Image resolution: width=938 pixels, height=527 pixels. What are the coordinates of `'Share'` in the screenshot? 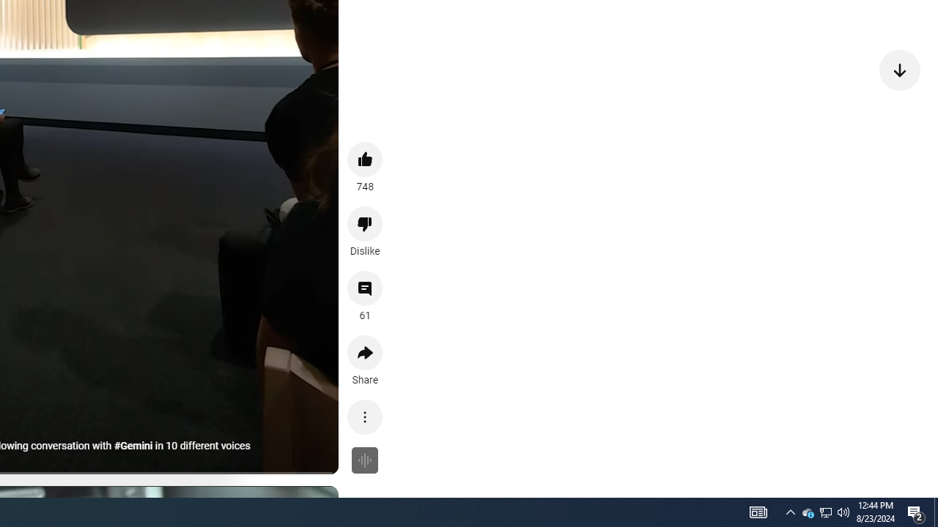 It's located at (365, 353).